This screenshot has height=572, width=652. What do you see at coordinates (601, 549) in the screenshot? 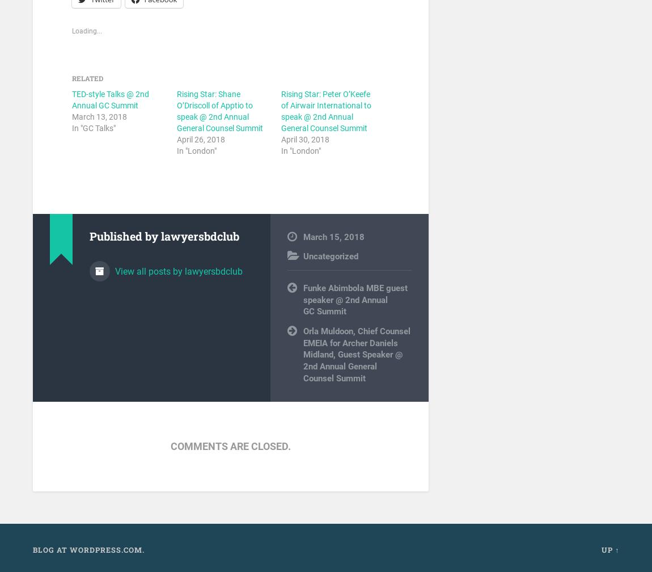
I see `'Up ↑'` at bounding box center [601, 549].